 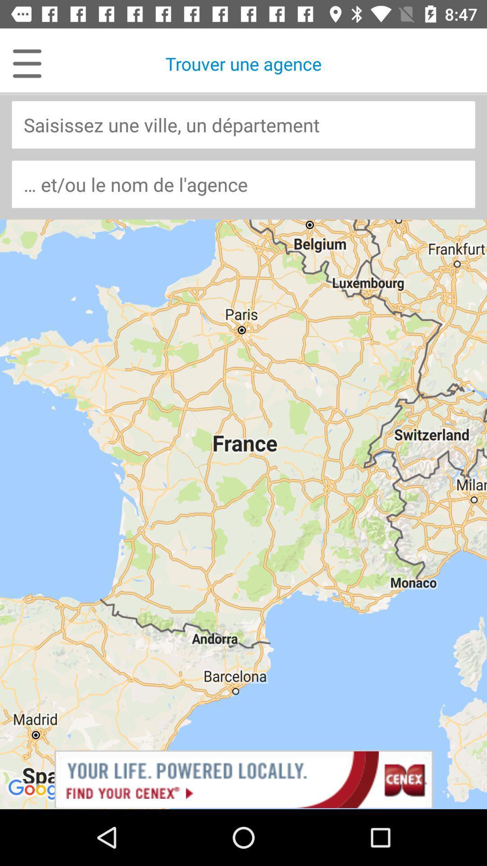 I want to click on location, so click(x=243, y=124).